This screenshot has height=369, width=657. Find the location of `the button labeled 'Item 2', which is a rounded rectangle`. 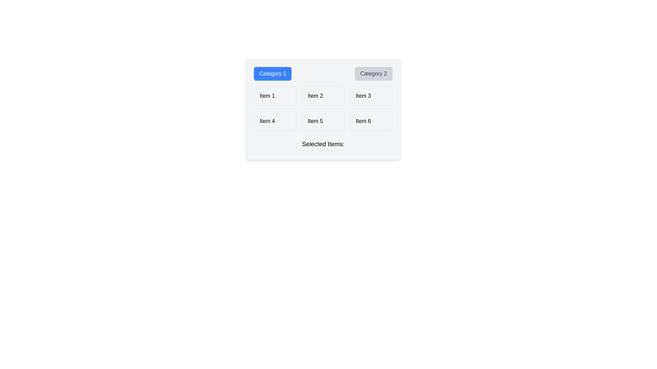

the button labeled 'Item 2', which is a rounded rectangle is located at coordinates (323, 96).